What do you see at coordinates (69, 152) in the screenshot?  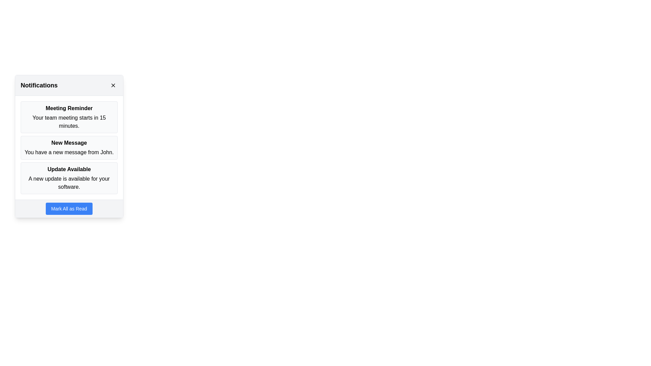 I see `notification text displayed as 'You have a new message from John.' located below the 'New Message' title in the notification UI` at bounding box center [69, 152].